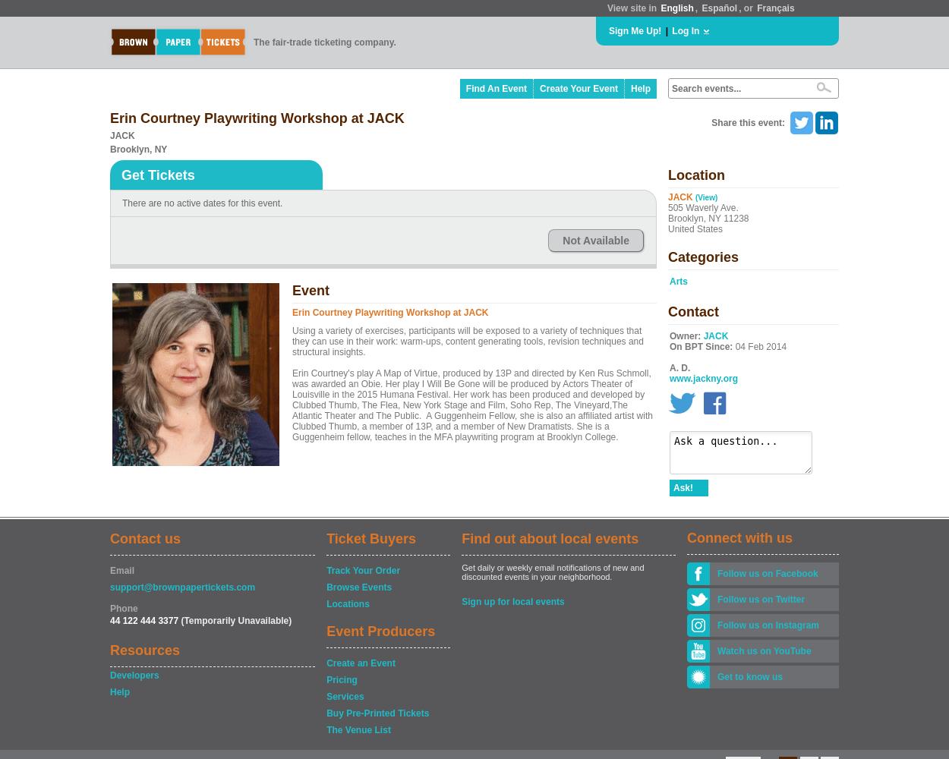  Describe the element at coordinates (110, 149) in the screenshot. I see `'Brooklyn, NY'` at that location.